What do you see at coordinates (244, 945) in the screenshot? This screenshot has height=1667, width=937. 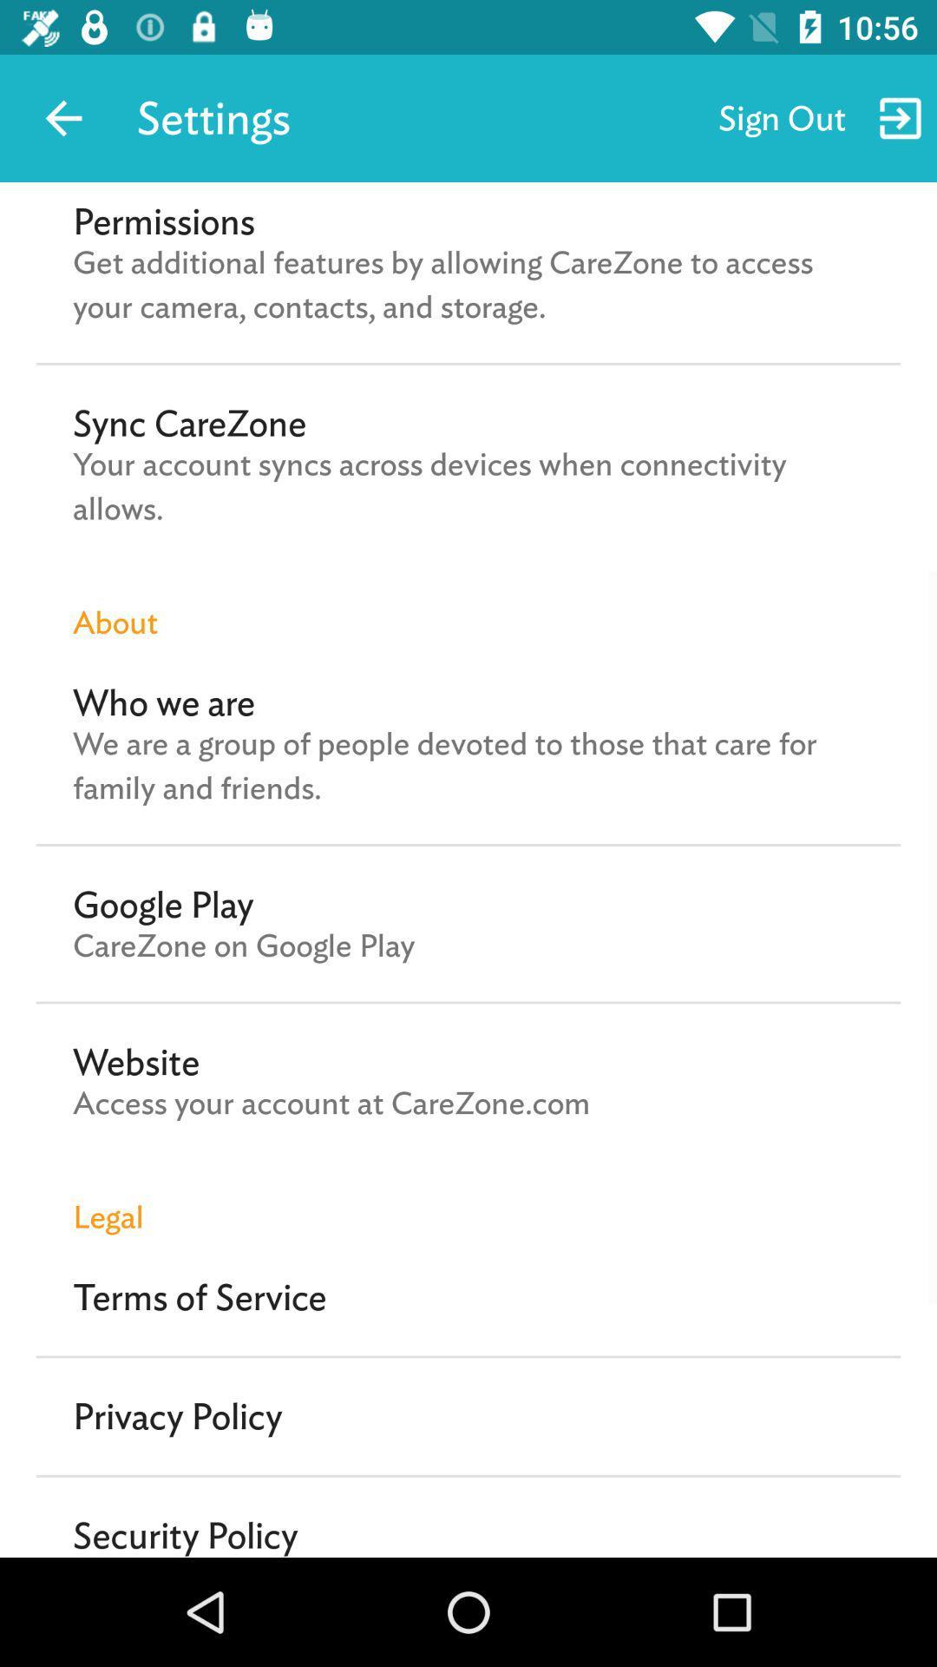 I see `the carezone on google icon` at bounding box center [244, 945].